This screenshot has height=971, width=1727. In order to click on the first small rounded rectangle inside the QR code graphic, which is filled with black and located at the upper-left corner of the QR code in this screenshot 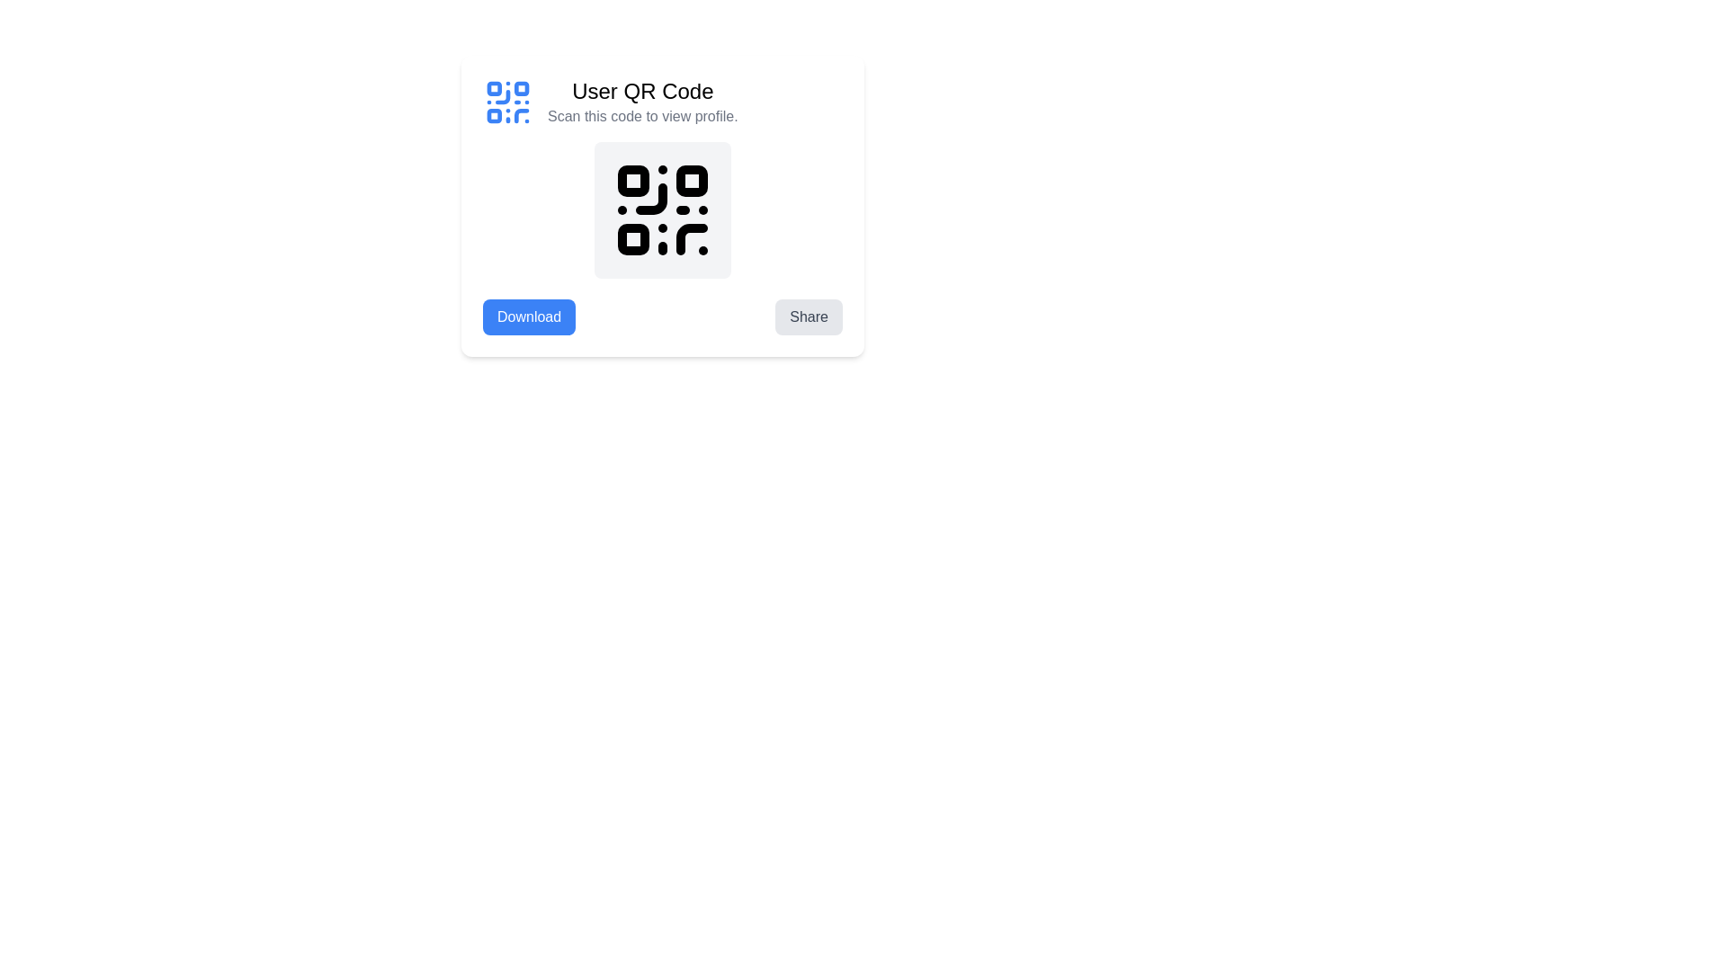, I will do `click(633, 181)`.